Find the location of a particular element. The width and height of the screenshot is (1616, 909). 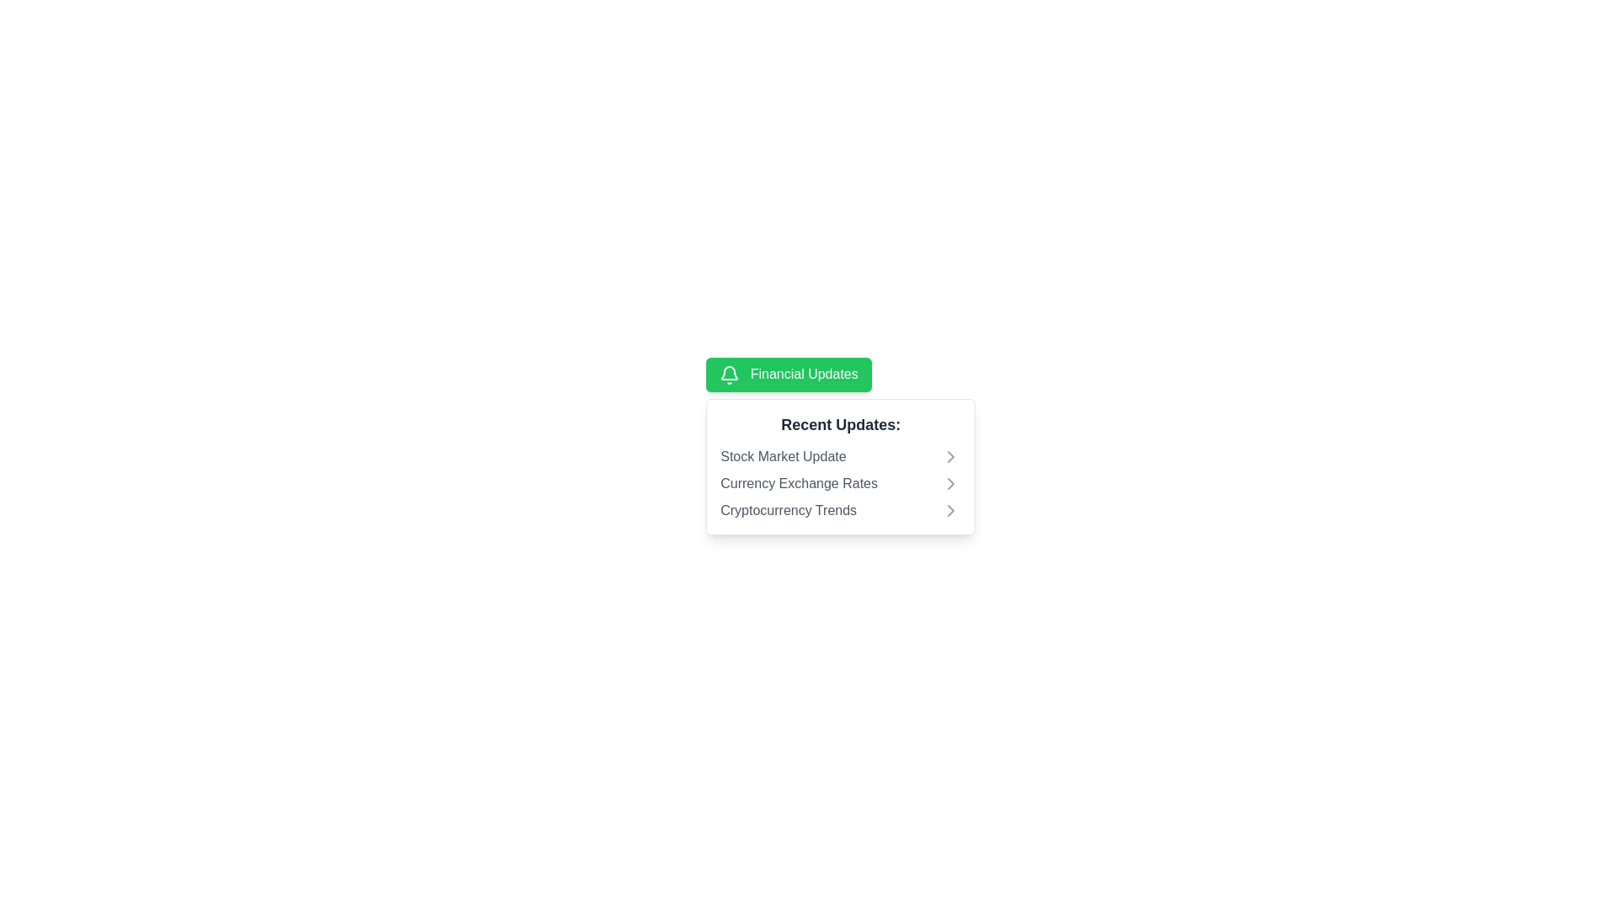

the rightward pointing arrow icon, which is the rightmost element in the row next to 'Stock Market Update' is located at coordinates (951, 456).